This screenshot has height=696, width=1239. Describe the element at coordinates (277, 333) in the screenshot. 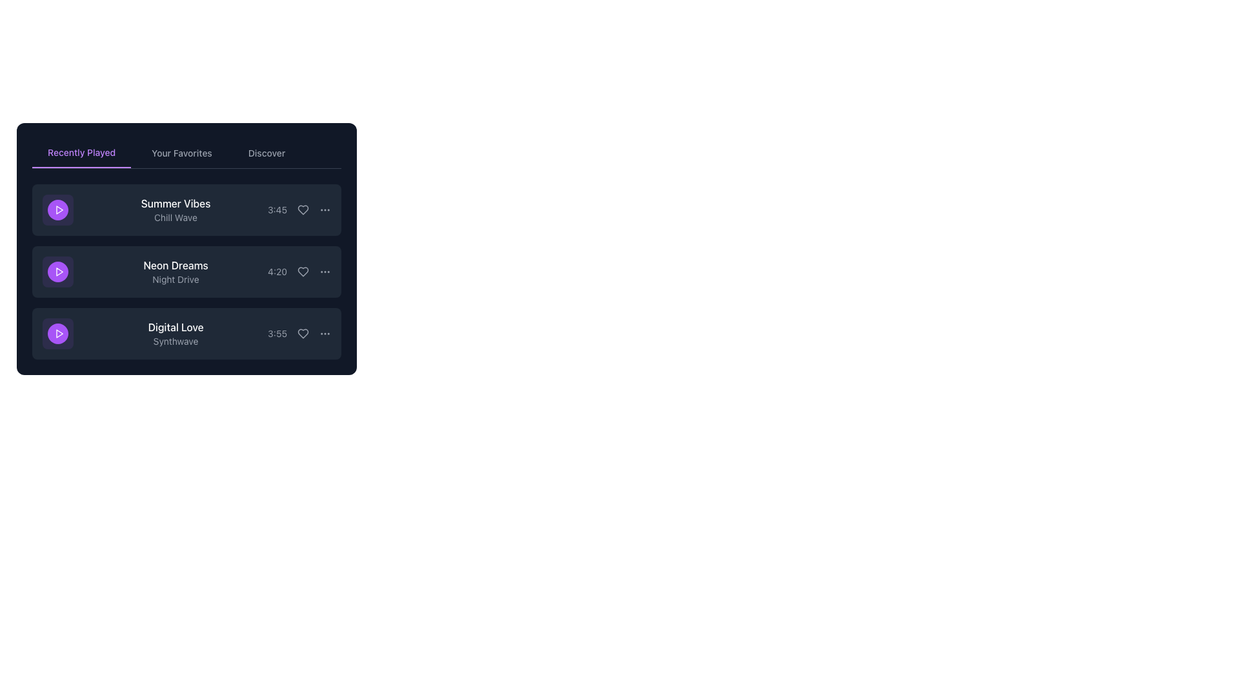

I see `value displayed in the leftmost text label indicating the duration of the track 'Digital Love', located in the last entry of the vertical list` at that location.